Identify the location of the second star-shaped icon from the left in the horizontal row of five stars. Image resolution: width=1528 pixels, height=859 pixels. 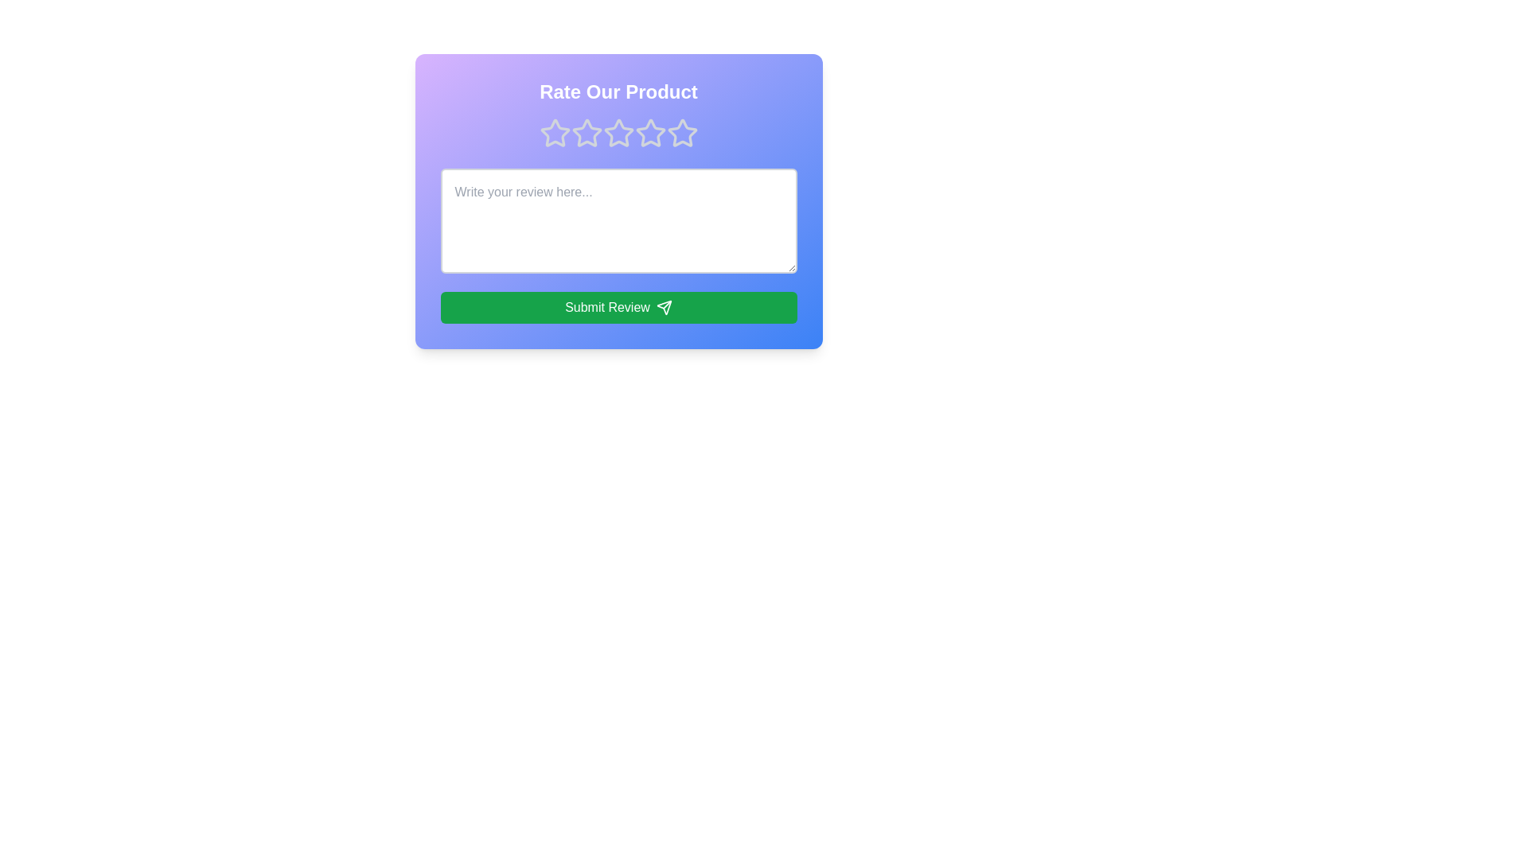
(586, 132).